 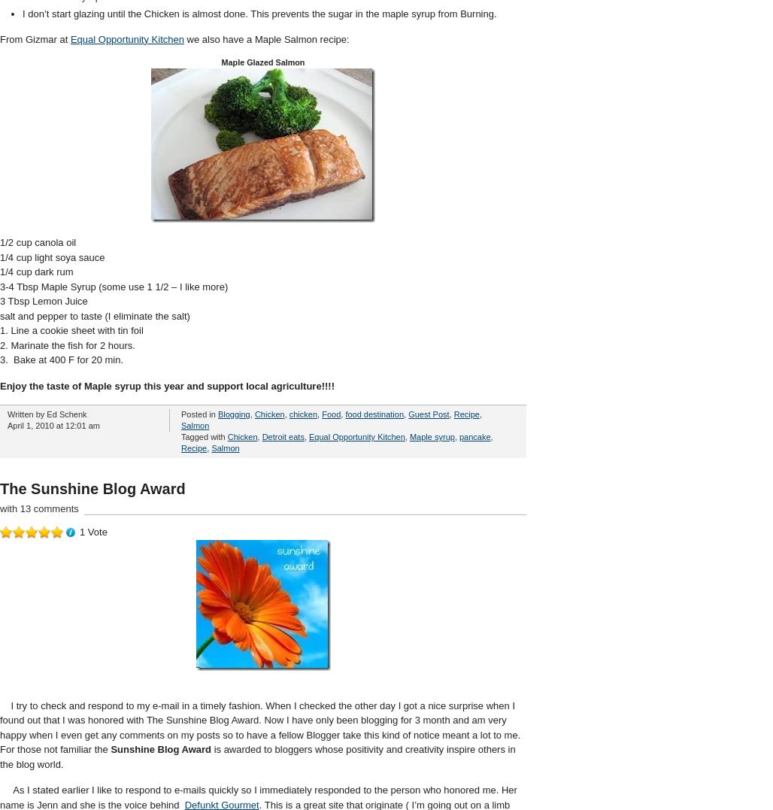 What do you see at coordinates (166, 384) in the screenshot?
I see `'Enjoy the taste of Maple syrup this year and support local agriculture!!!!'` at bounding box center [166, 384].